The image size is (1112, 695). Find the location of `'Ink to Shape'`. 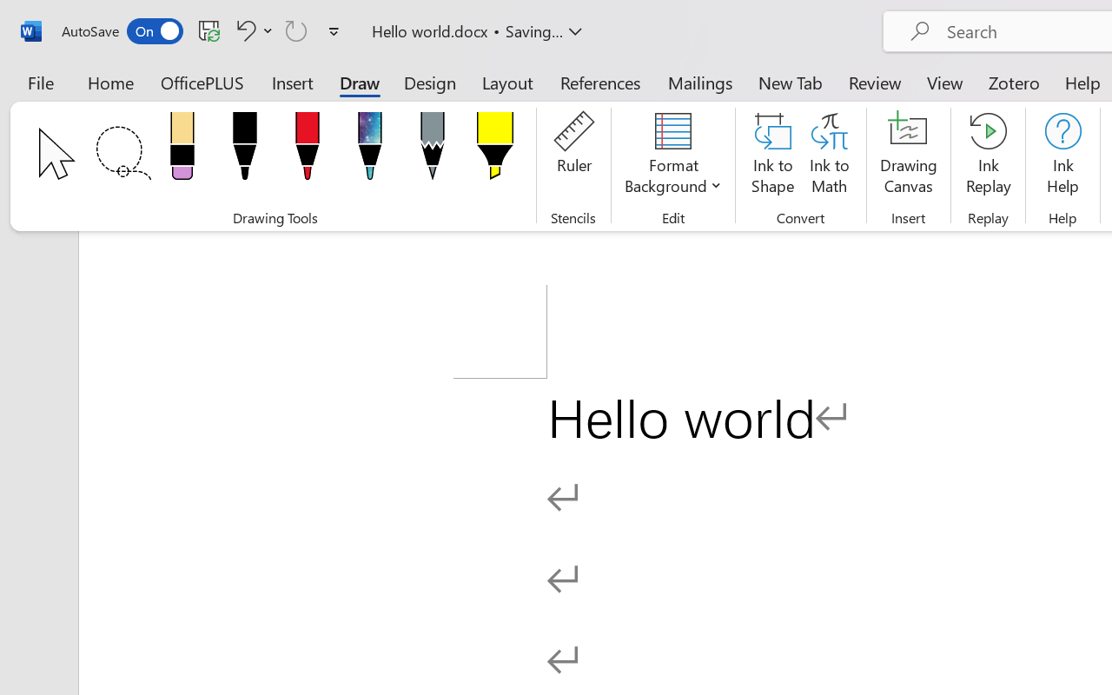

'Ink to Shape' is located at coordinates (772, 156).